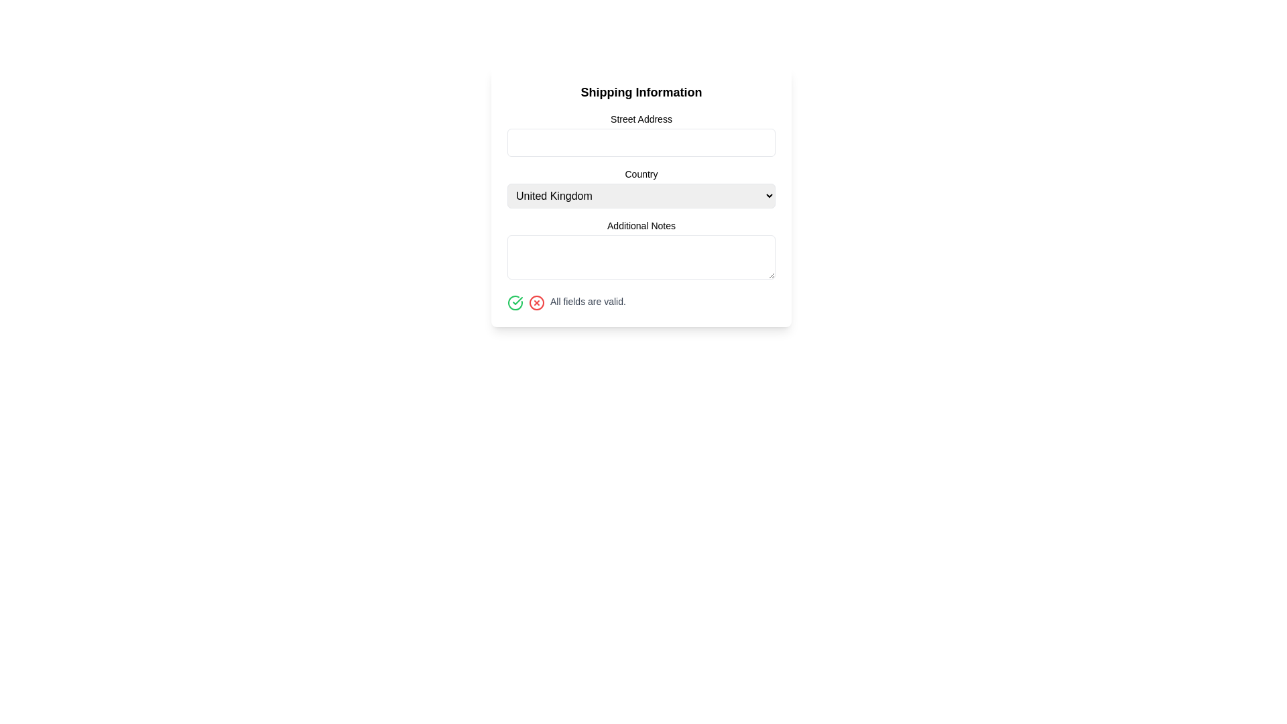 This screenshot has width=1287, height=724. What do you see at coordinates (514, 302) in the screenshot?
I see `the success icon located in the bottom-left corner of the form interface, just left of the label 'All fields are valid.'` at bounding box center [514, 302].